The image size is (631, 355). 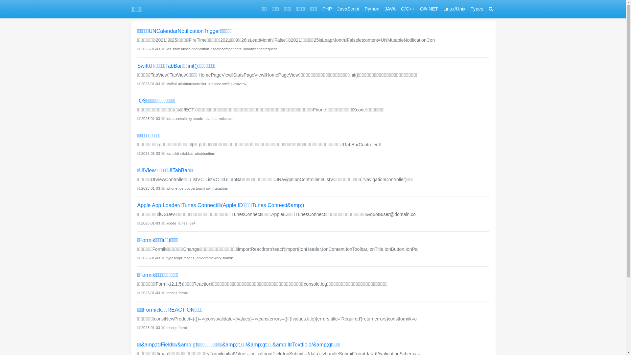 I want to click on 'uitabbaritem', so click(x=195, y=153).